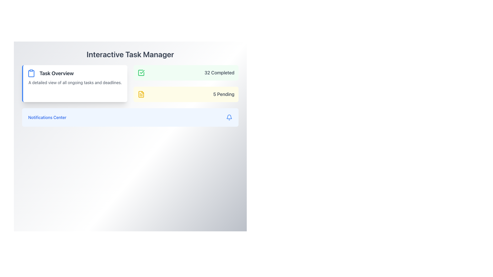  Describe the element at coordinates (224, 94) in the screenshot. I see `text label indicating the number of pending items, which is located on the right-hand side of a yellow-background box and aligned with an icon on the left` at that location.